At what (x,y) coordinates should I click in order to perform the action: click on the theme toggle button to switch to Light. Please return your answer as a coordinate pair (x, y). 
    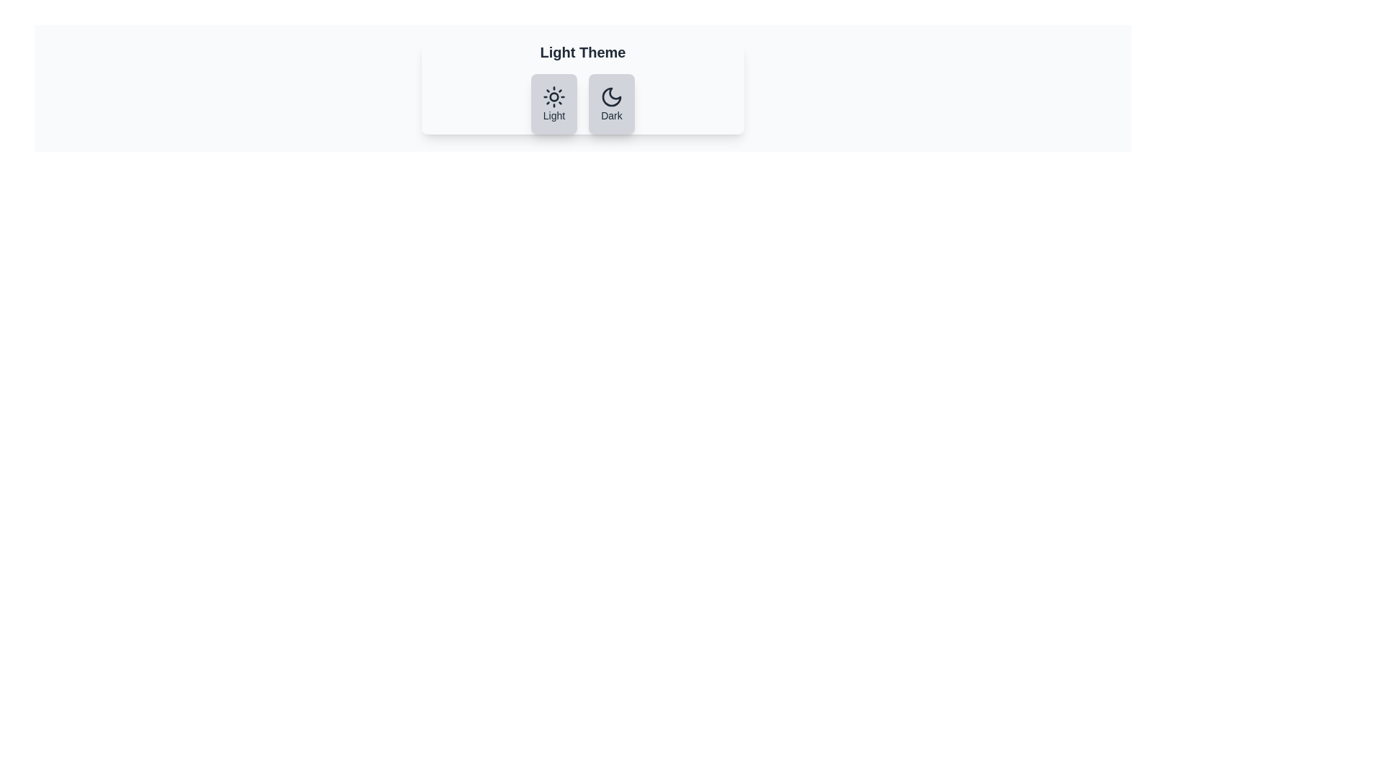
    Looking at the image, I should click on (553, 104).